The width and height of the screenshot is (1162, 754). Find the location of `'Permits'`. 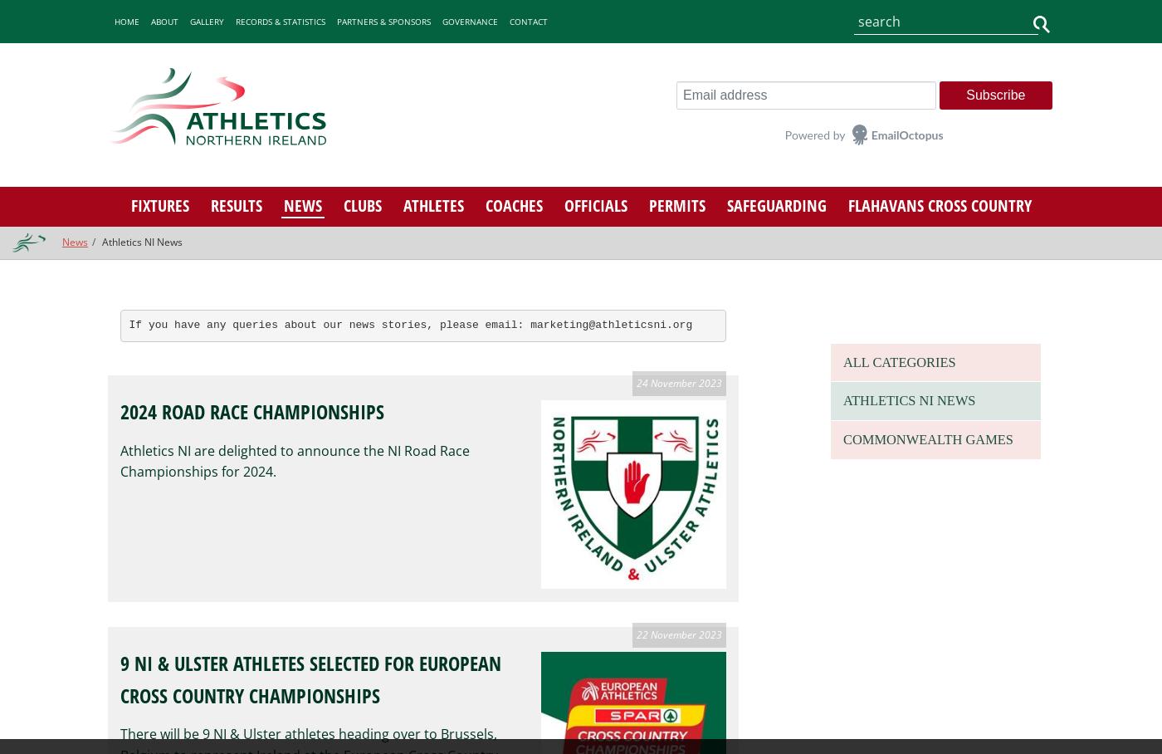

'Permits' is located at coordinates (676, 203).